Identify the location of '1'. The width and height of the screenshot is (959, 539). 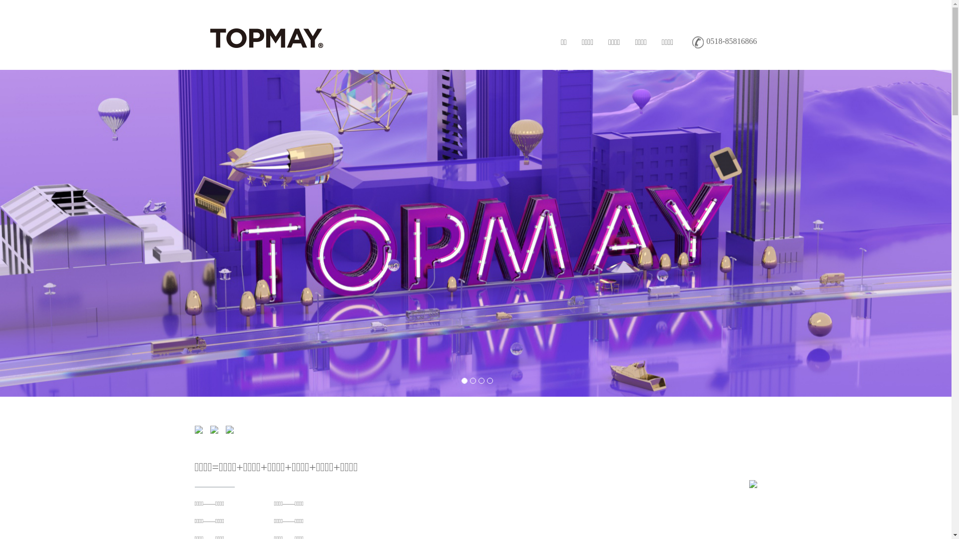
(464, 381).